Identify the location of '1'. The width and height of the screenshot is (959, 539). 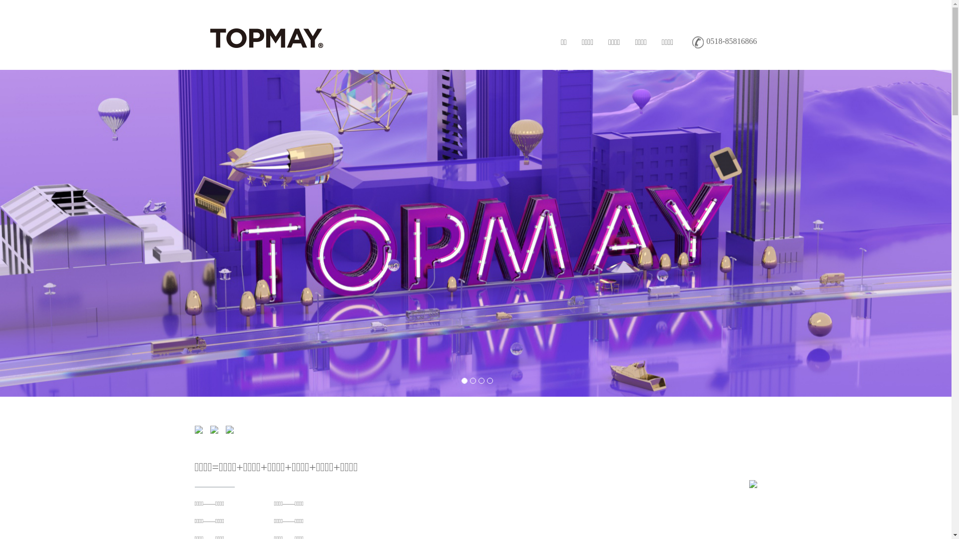
(464, 381).